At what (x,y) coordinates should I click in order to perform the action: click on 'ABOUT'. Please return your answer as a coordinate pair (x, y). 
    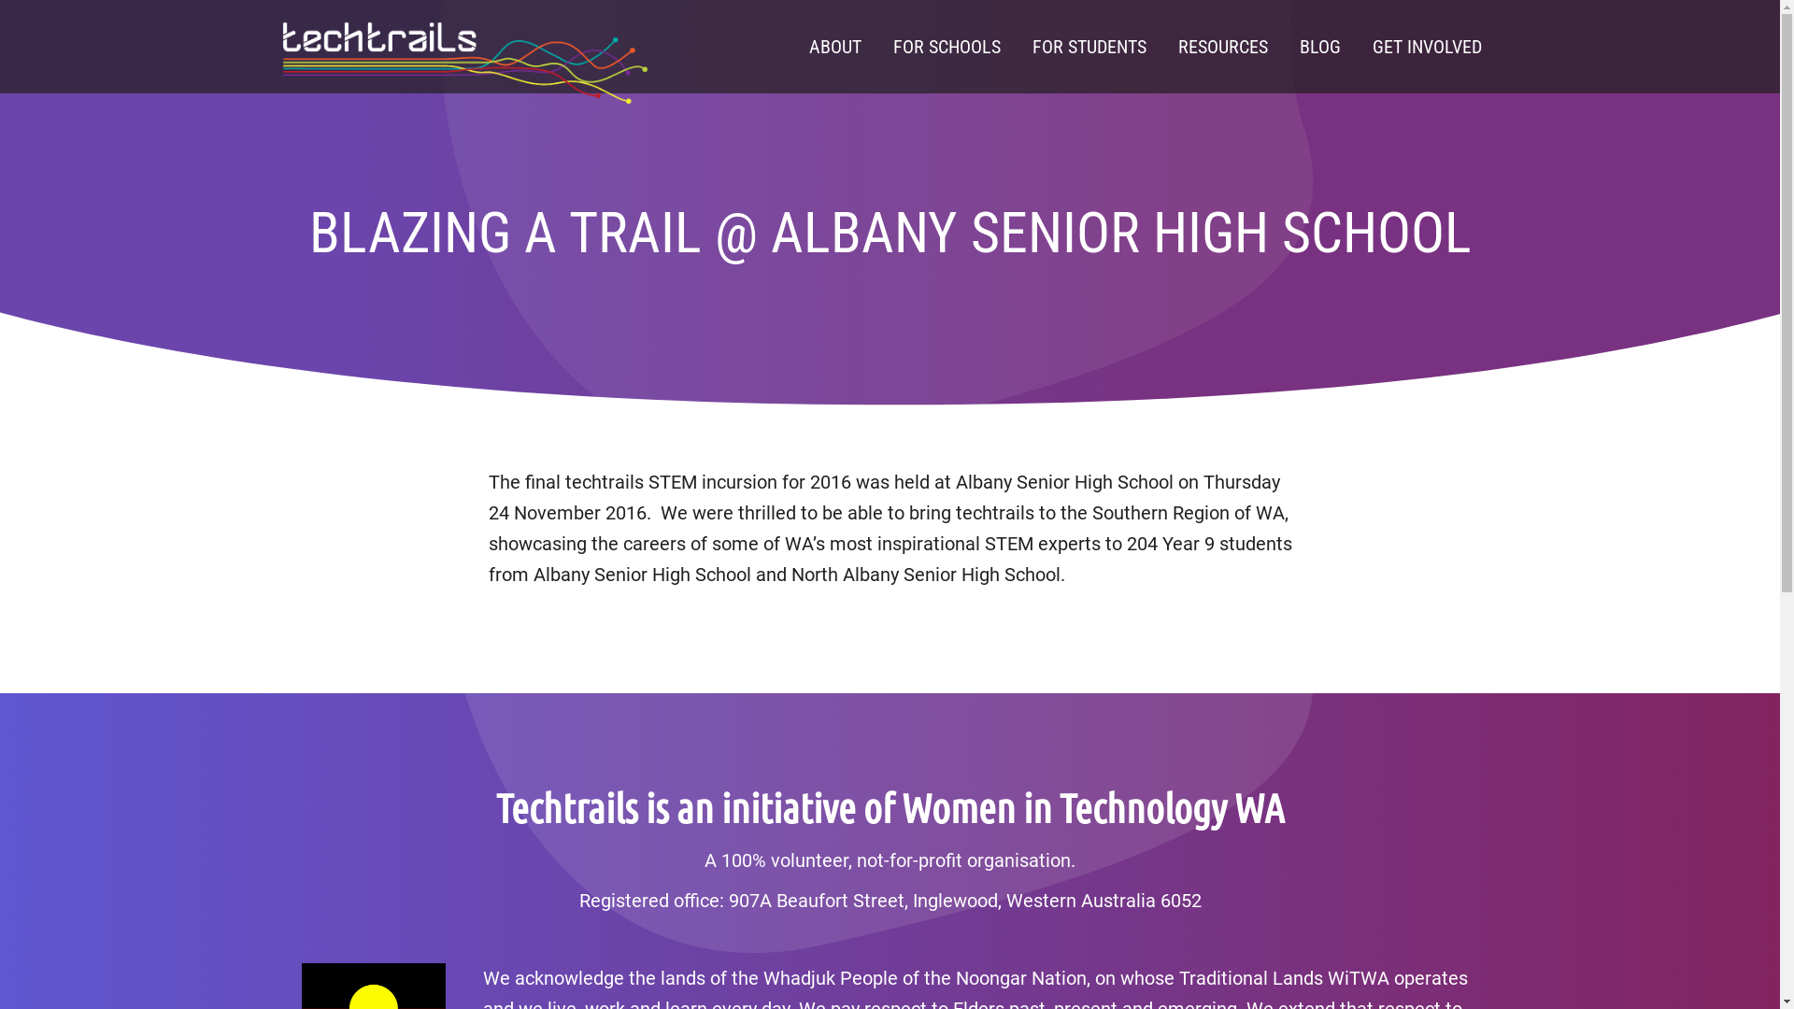
    Looking at the image, I should click on (792, 46).